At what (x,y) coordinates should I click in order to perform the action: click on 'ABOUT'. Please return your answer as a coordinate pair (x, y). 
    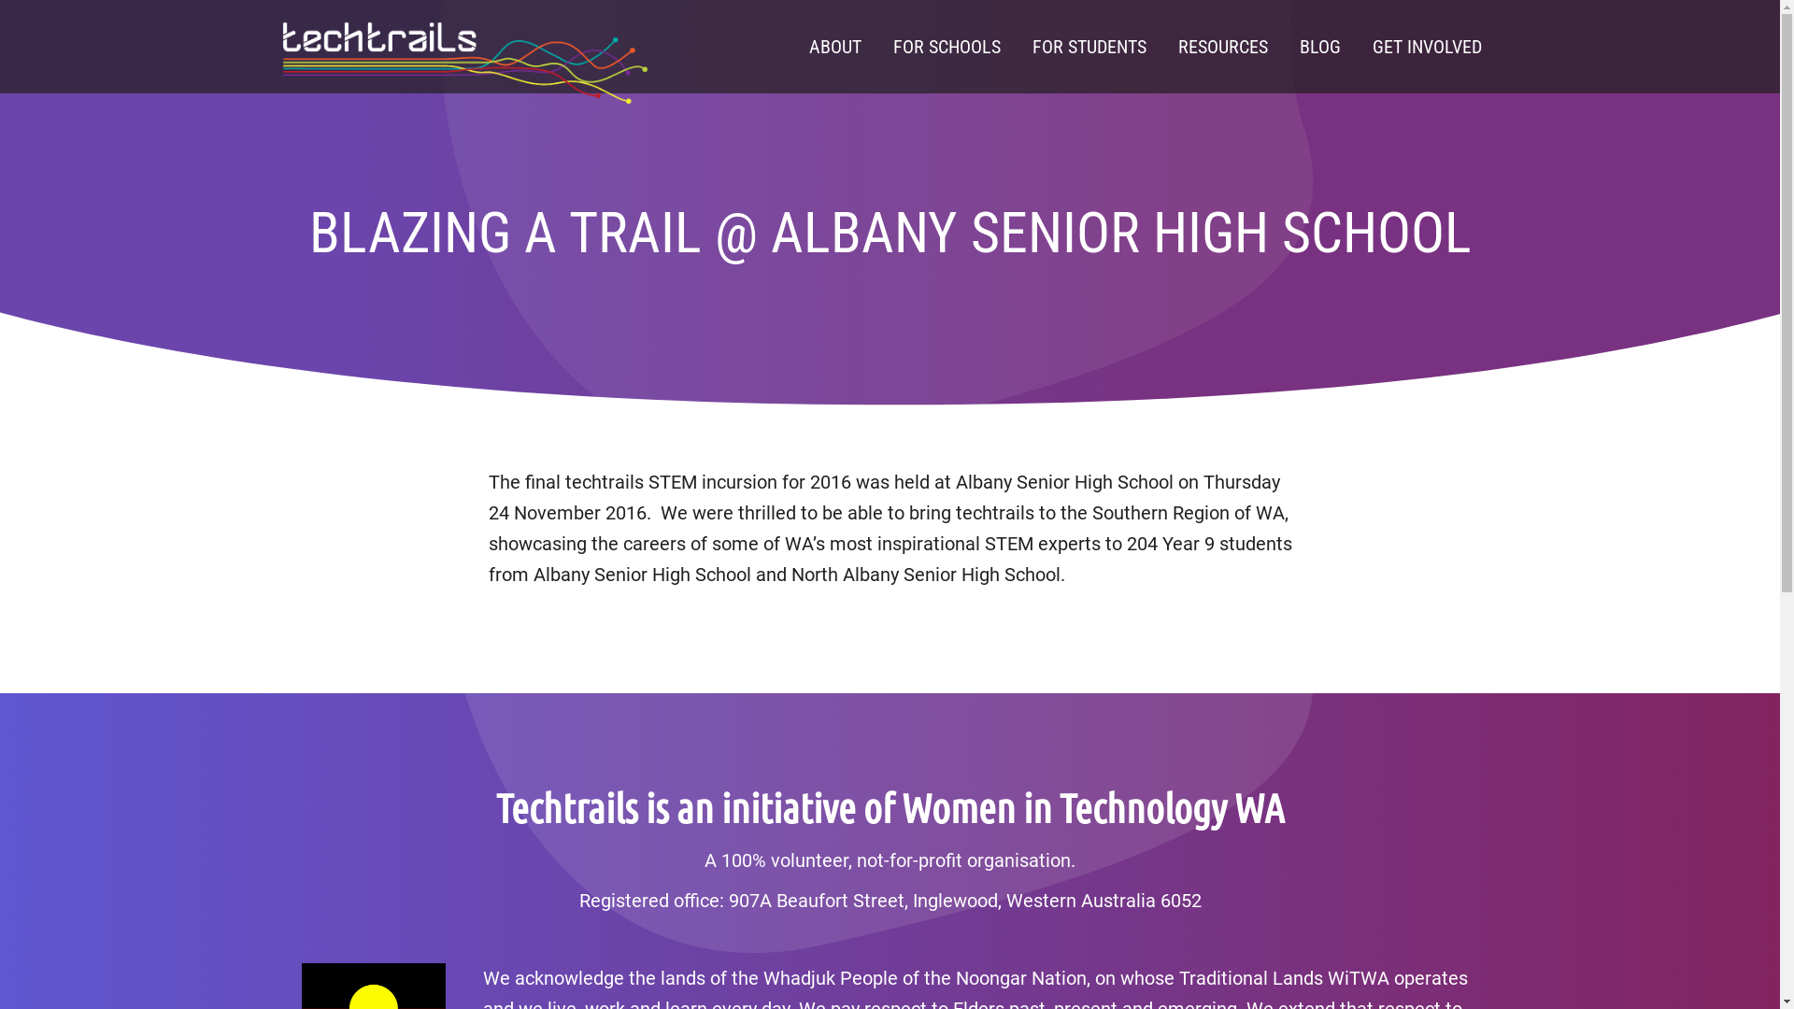
    Looking at the image, I should click on (792, 46).